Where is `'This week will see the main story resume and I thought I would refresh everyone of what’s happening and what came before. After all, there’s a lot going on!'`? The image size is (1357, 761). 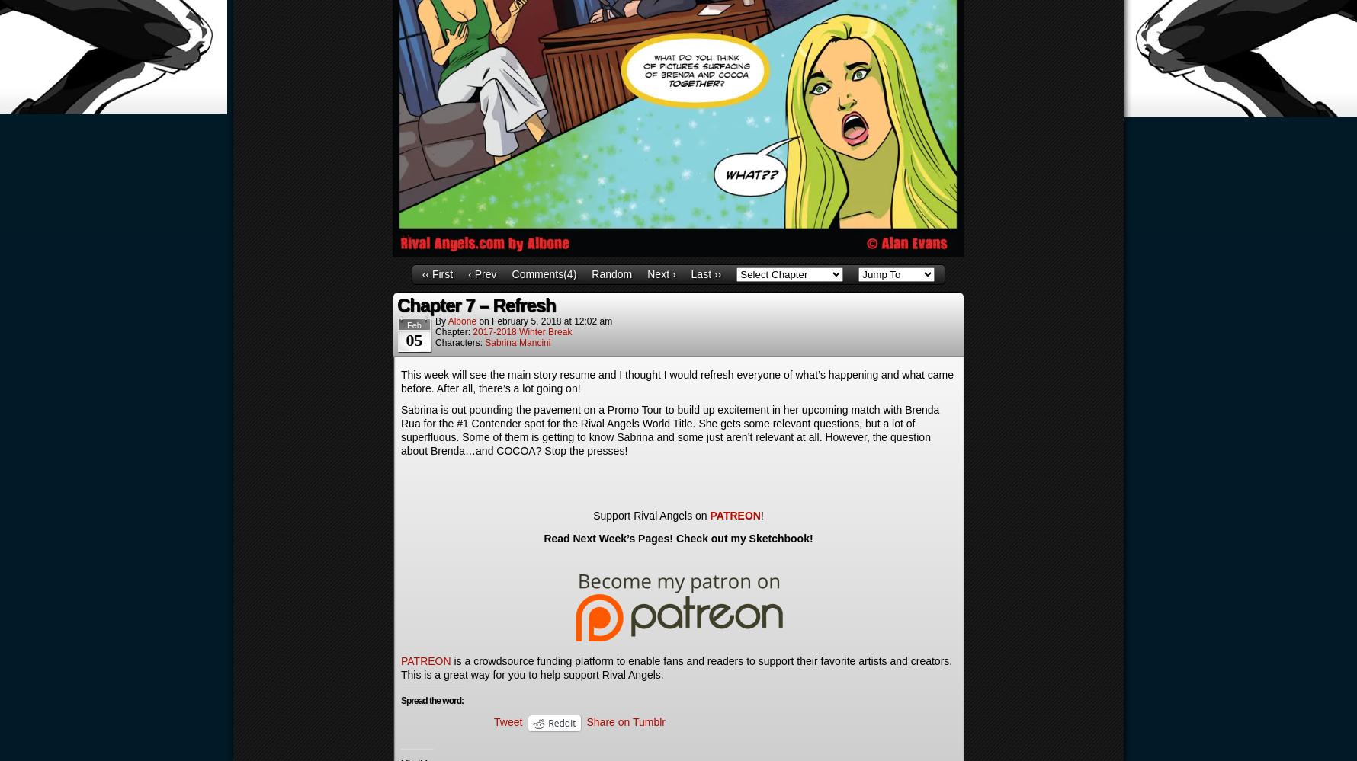 'This week will see the main story resume and I thought I would refresh everyone of what’s happening and what came before. After all, there’s a lot going on!' is located at coordinates (676, 380).